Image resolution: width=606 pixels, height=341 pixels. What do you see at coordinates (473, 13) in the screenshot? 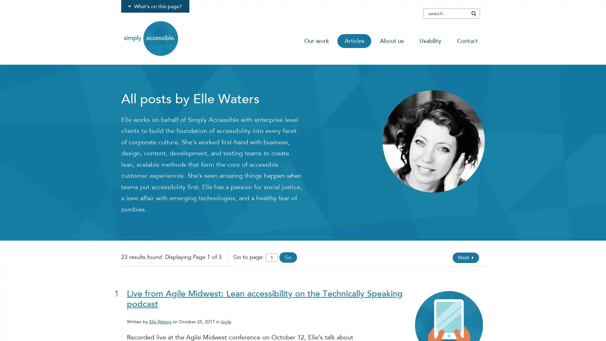
I see `Submit Search` at bounding box center [473, 13].